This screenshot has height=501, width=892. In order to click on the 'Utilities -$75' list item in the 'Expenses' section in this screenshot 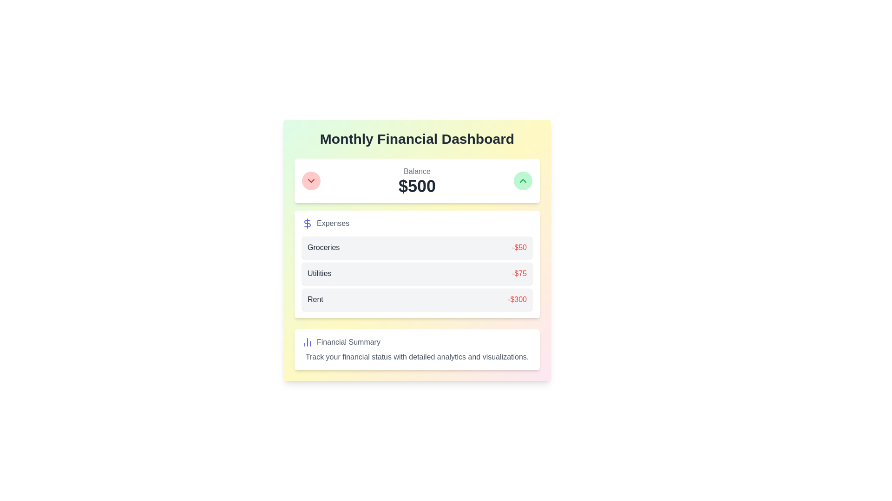, I will do `click(416, 273)`.